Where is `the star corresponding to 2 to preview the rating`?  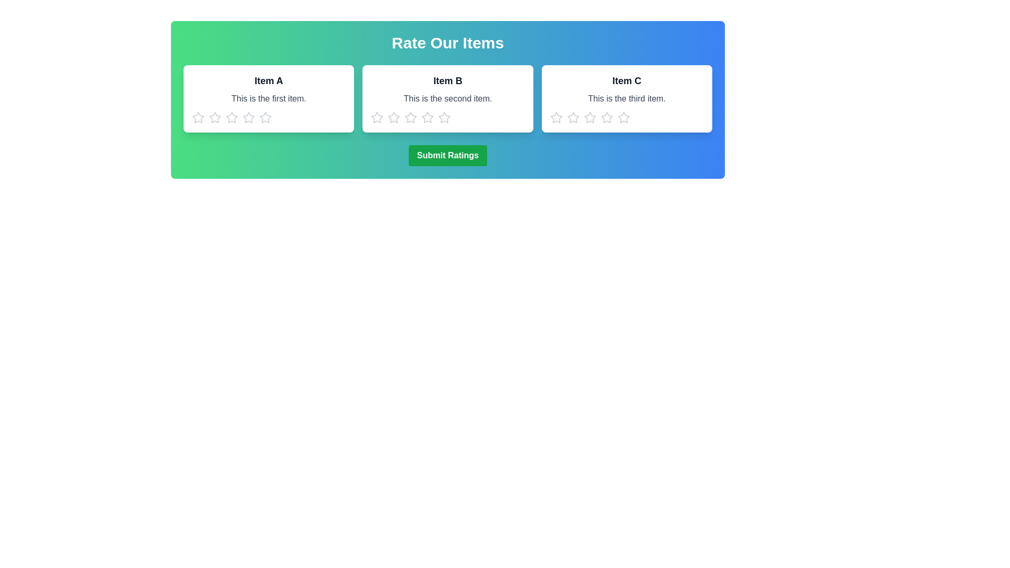
the star corresponding to 2 to preview the rating is located at coordinates (214, 117).